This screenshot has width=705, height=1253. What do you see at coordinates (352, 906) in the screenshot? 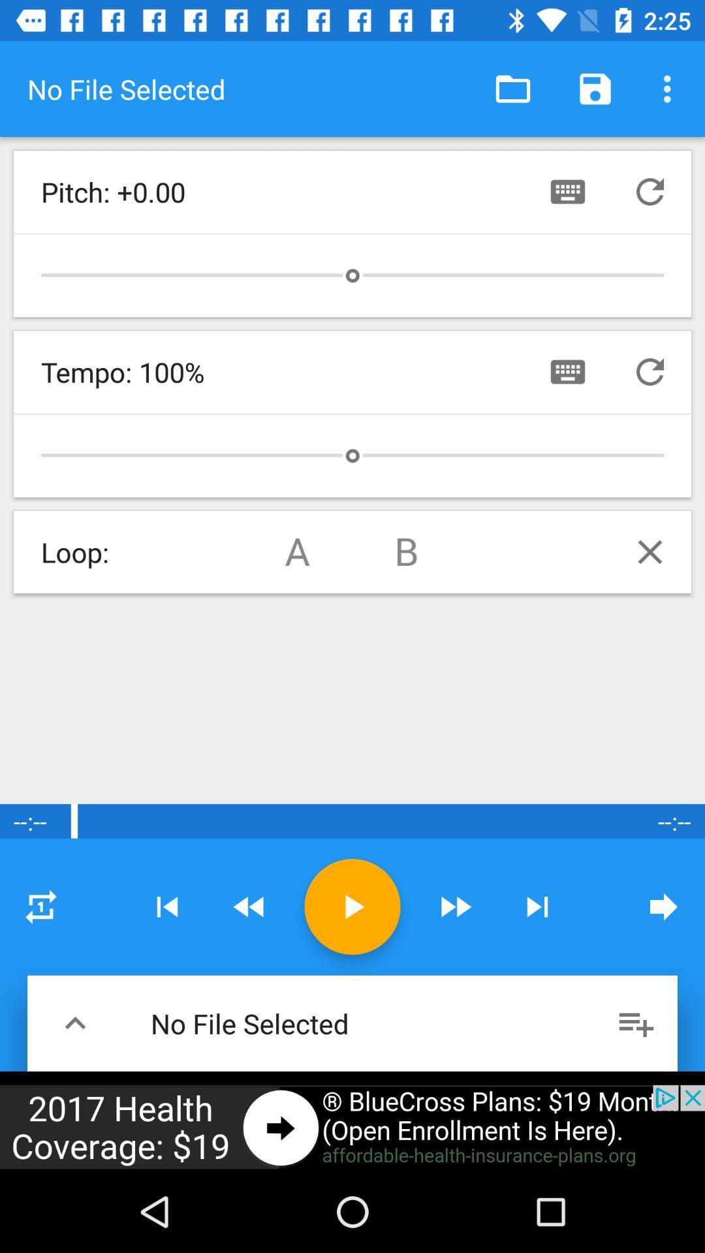
I see `play` at bounding box center [352, 906].